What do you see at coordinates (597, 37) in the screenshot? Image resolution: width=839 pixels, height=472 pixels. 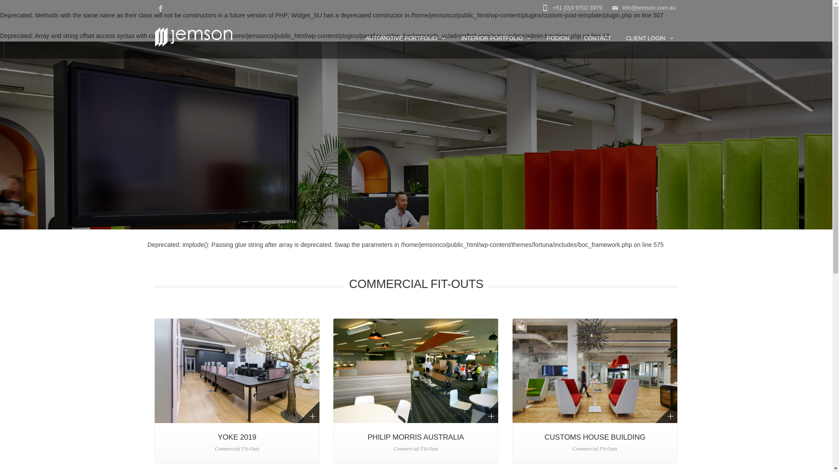 I see `'CONTACT'` at bounding box center [597, 37].